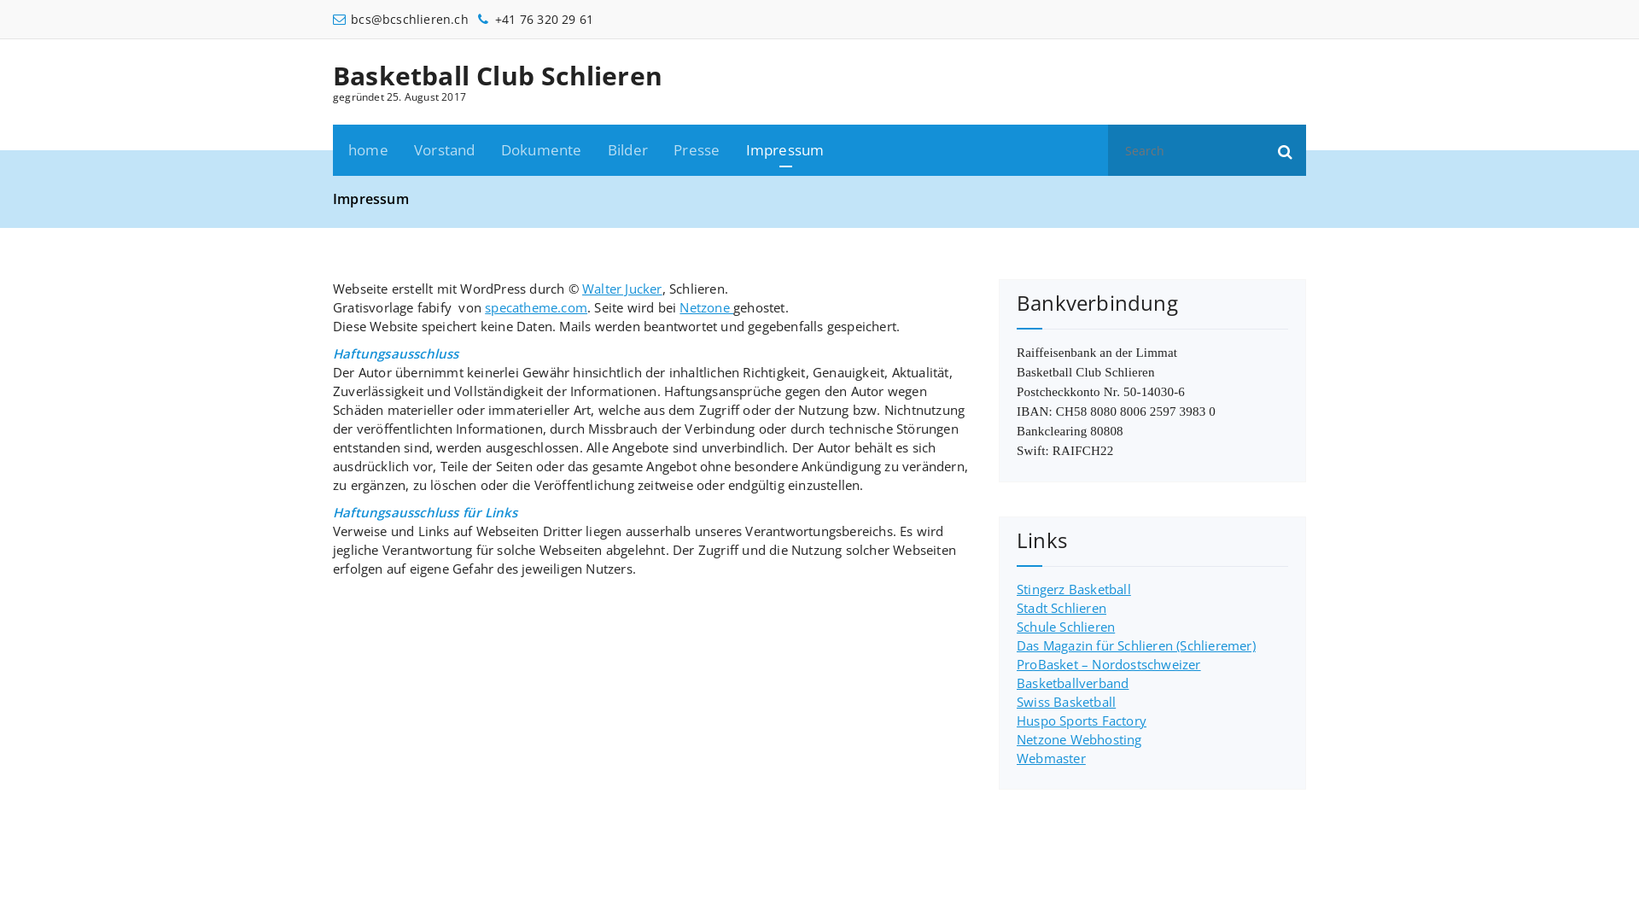  What do you see at coordinates (496, 74) in the screenshot?
I see `'Basketball Club Schlieren'` at bounding box center [496, 74].